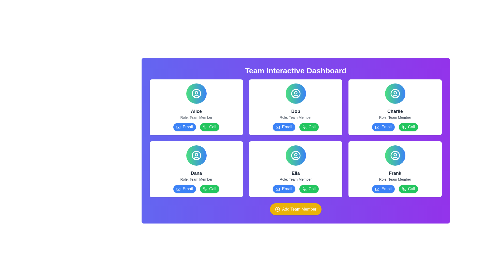 The height and width of the screenshot is (274, 488). Describe the element at coordinates (296, 107) in the screenshot. I see `the Profile card displaying information for the team member named Bob, located in the center column of the top row in the grid layout` at that location.